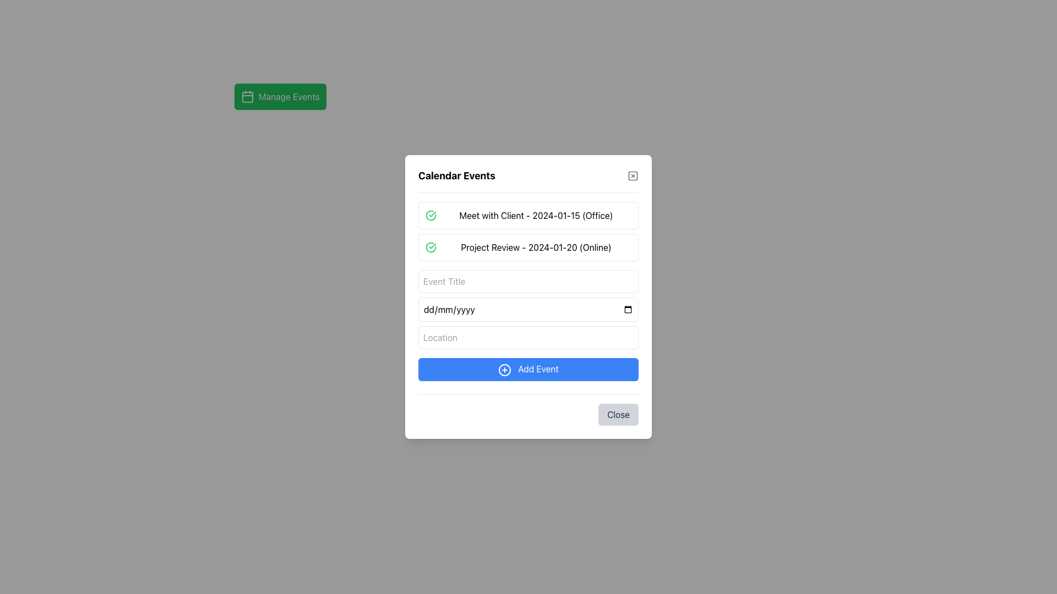 Image resolution: width=1057 pixels, height=594 pixels. Describe the element at coordinates (504, 370) in the screenshot. I see `the decorative graphic element within the 'Add Event' button that highlights the '+' symbol` at that location.